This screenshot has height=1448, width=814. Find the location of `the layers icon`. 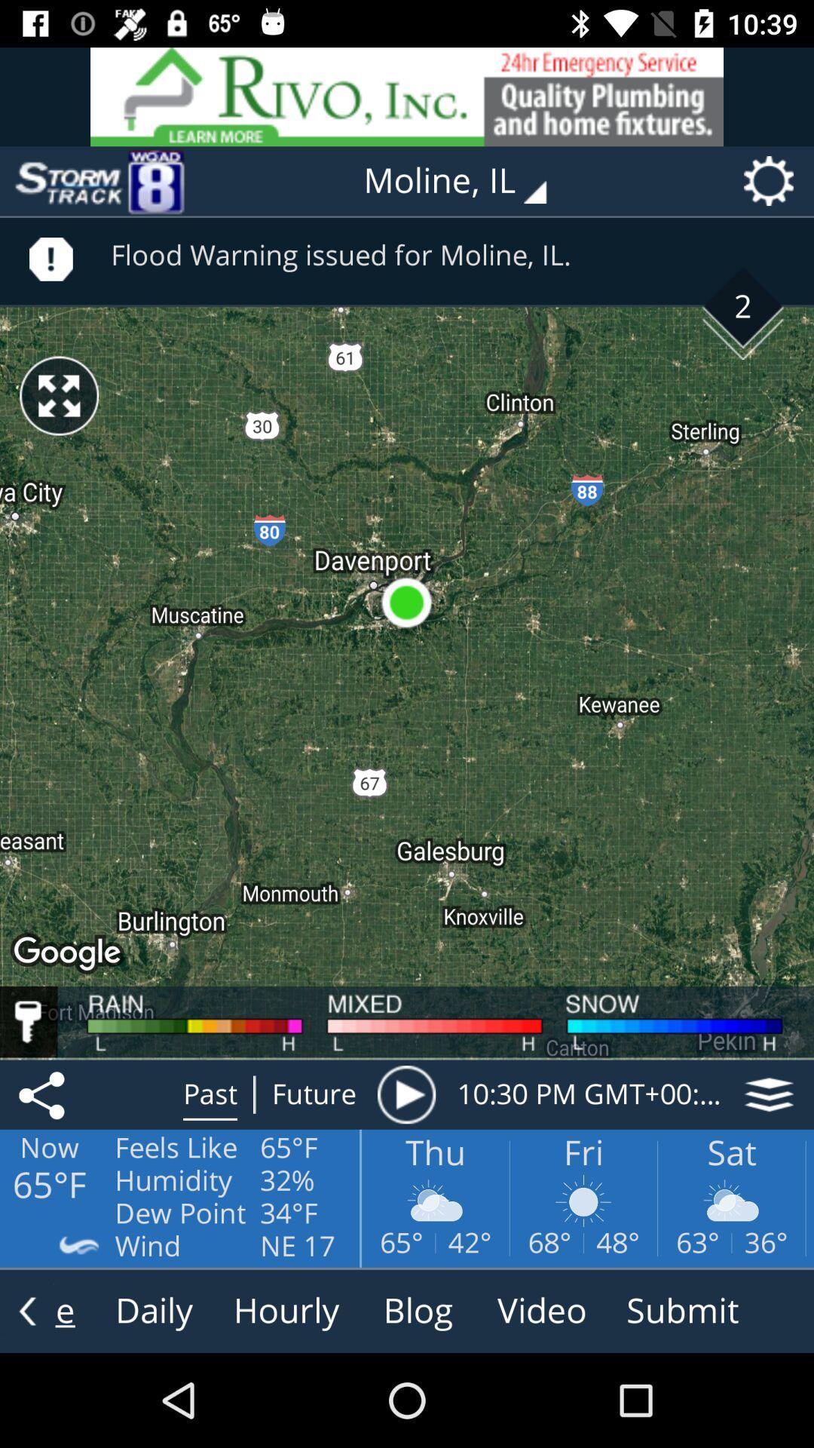

the layers icon is located at coordinates (769, 1094).